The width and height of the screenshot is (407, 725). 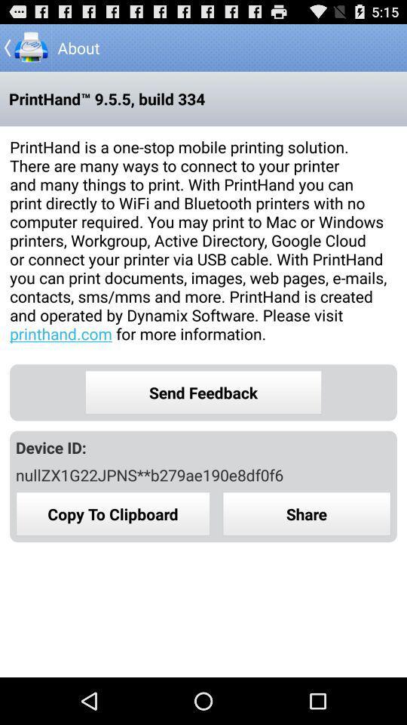 What do you see at coordinates (112, 514) in the screenshot?
I see `the icon at the bottom left corner` at bounding box center [112, 514].